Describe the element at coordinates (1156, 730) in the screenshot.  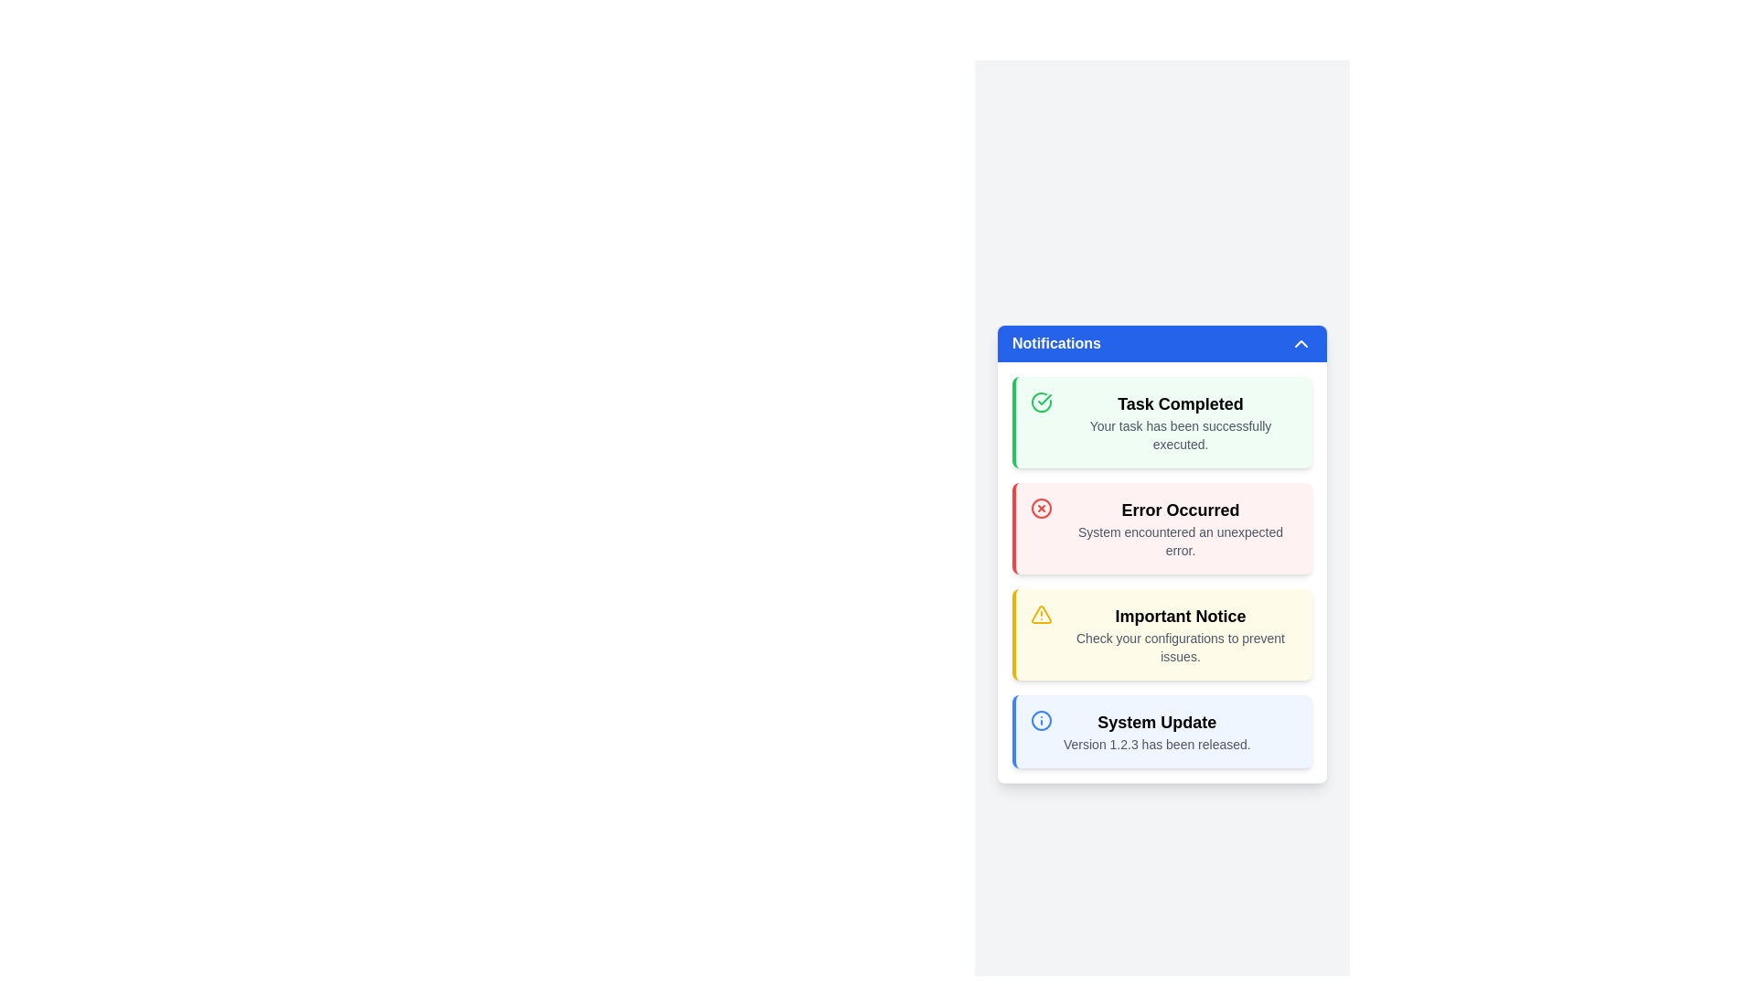
I see `informative text block within the fourth notification card that contains details about the new system update release version 1.2.3` at that location.